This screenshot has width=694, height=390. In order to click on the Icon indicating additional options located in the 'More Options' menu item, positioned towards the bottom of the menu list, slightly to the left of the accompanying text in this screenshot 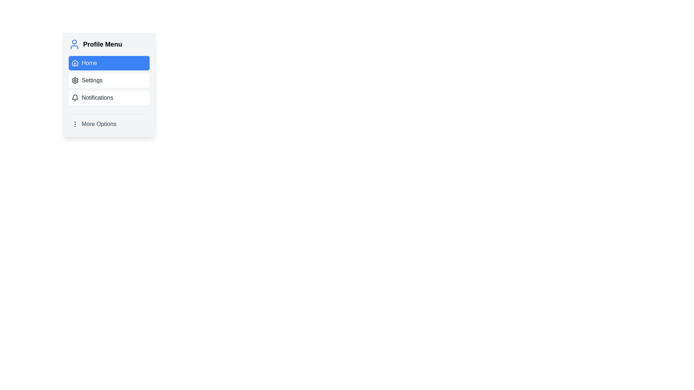, I will do `click(75, 123)`.